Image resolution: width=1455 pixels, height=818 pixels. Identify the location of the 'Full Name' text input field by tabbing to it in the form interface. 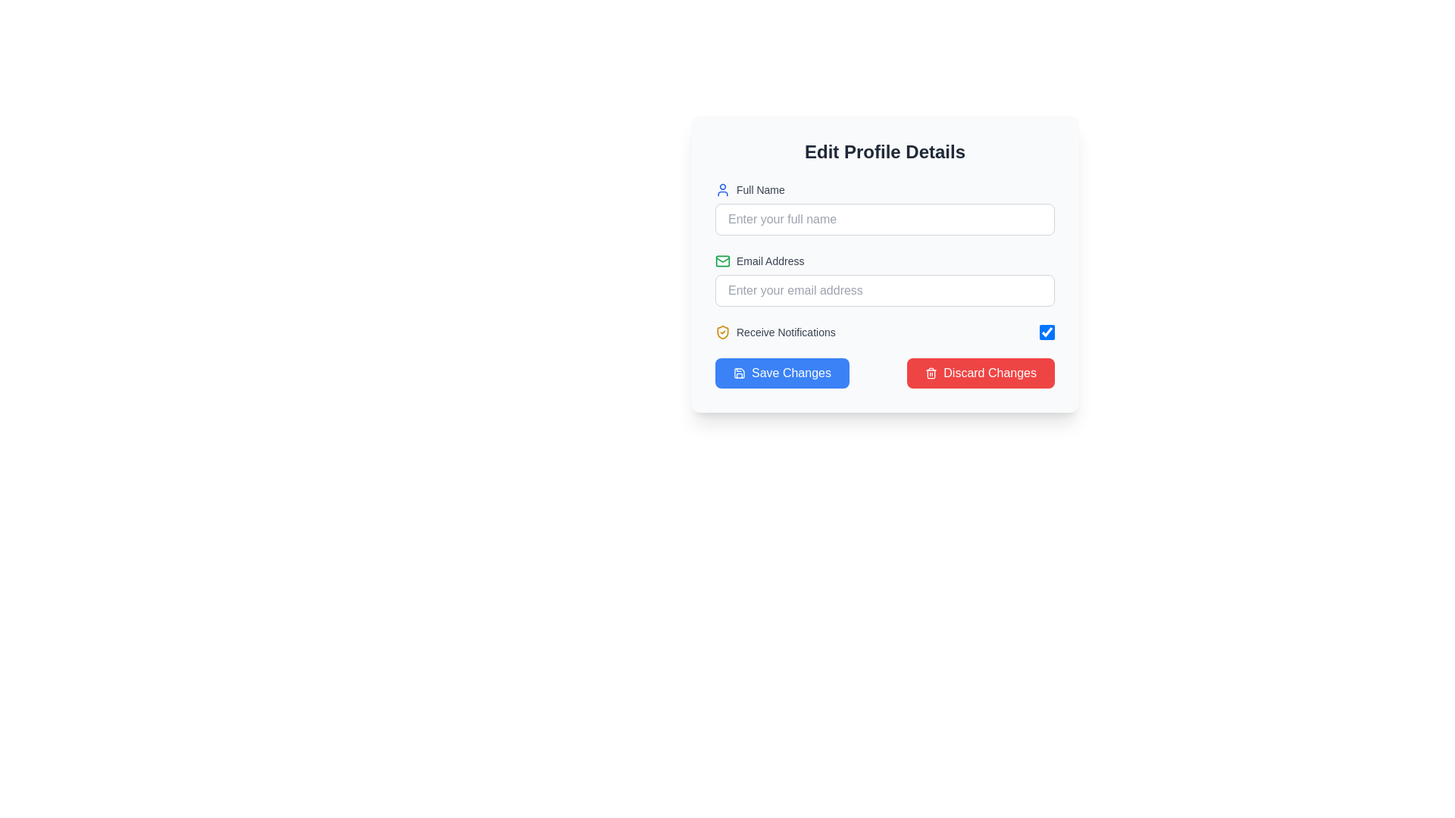
(884, 209).